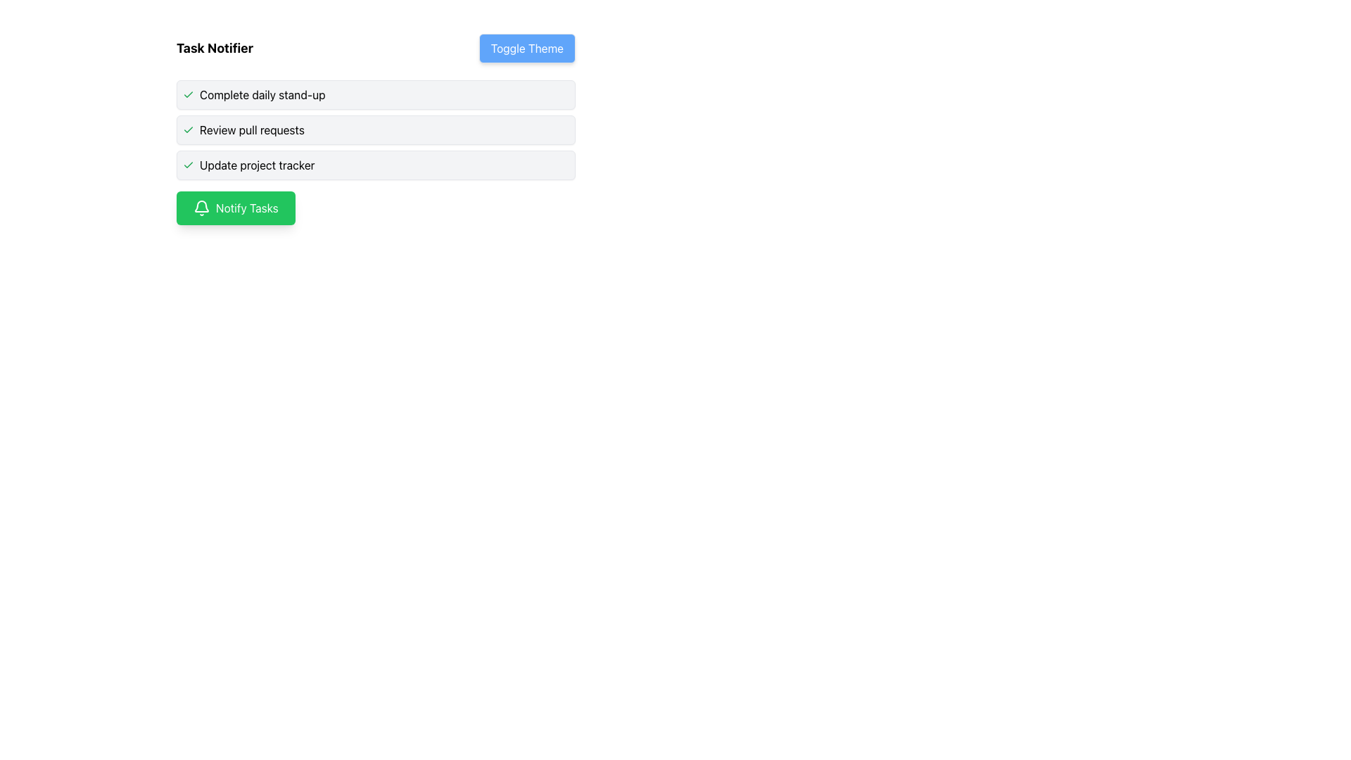 The width and height of the screenshot is (1351, 760). What do you see at coordinates (376, 165) in the screenshot?
I see `assistive technologies` at bounding box center [376, 165].